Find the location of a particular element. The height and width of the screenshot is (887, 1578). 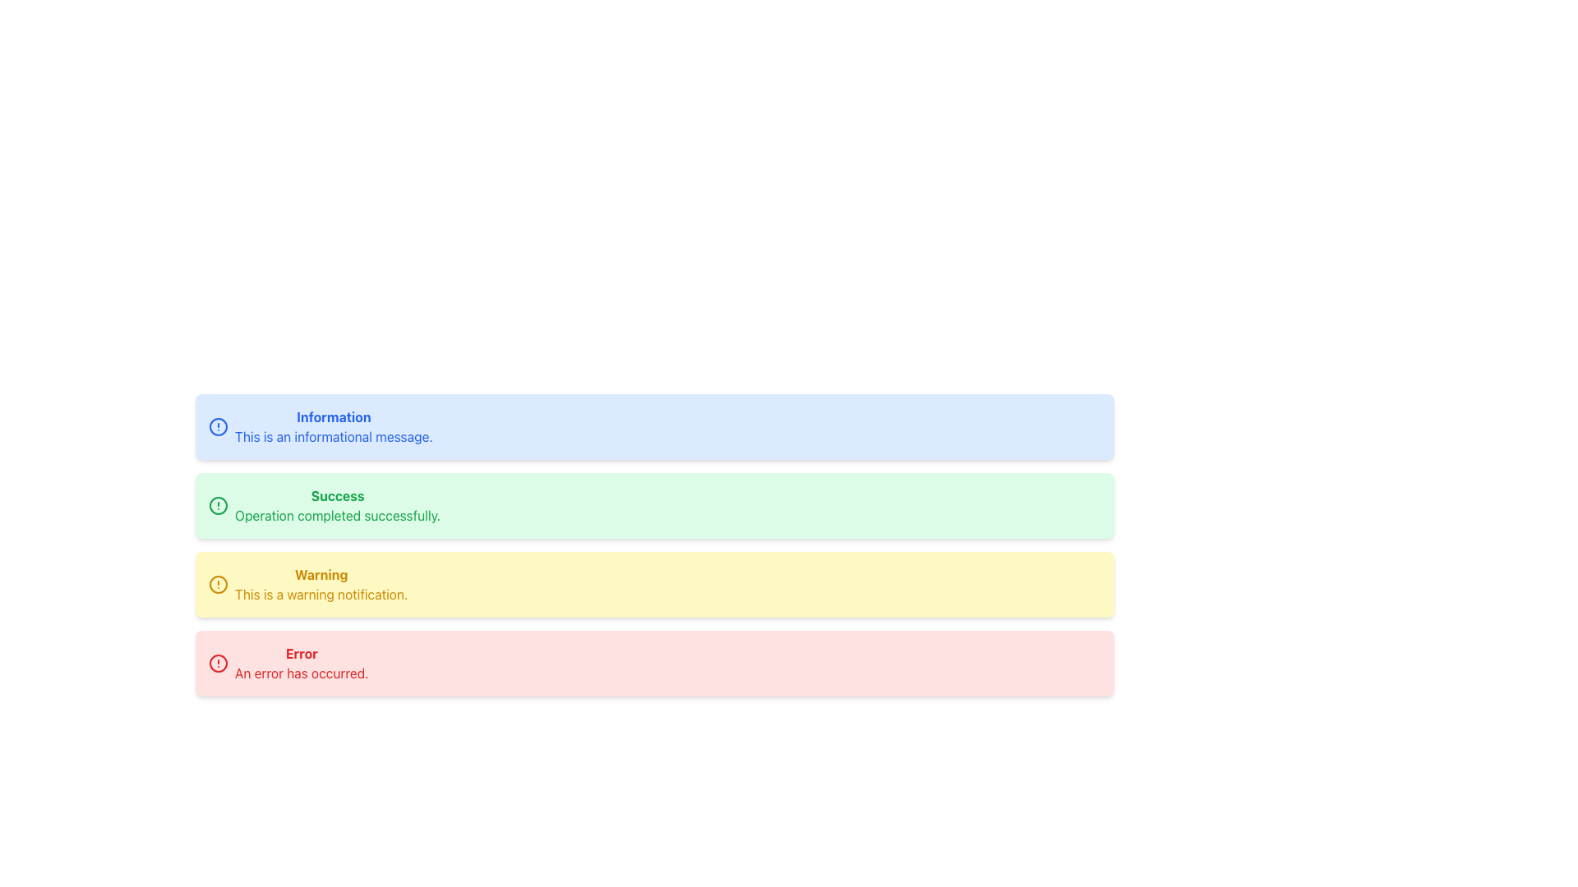

the 'Warning' notification box with bold text stating 'Warning' is located at coordinates (321, 584).